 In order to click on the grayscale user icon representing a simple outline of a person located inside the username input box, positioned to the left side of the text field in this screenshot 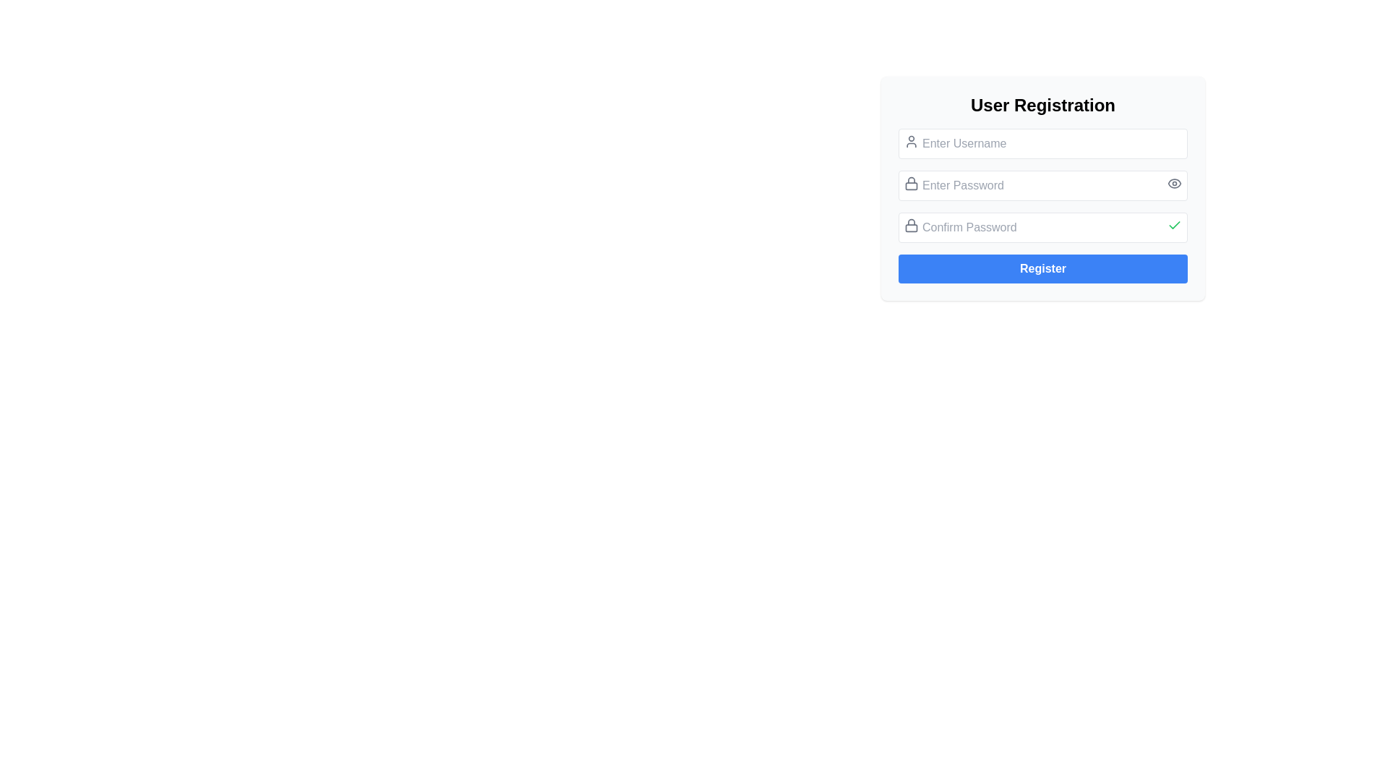, I will do `click(911, 142)`.